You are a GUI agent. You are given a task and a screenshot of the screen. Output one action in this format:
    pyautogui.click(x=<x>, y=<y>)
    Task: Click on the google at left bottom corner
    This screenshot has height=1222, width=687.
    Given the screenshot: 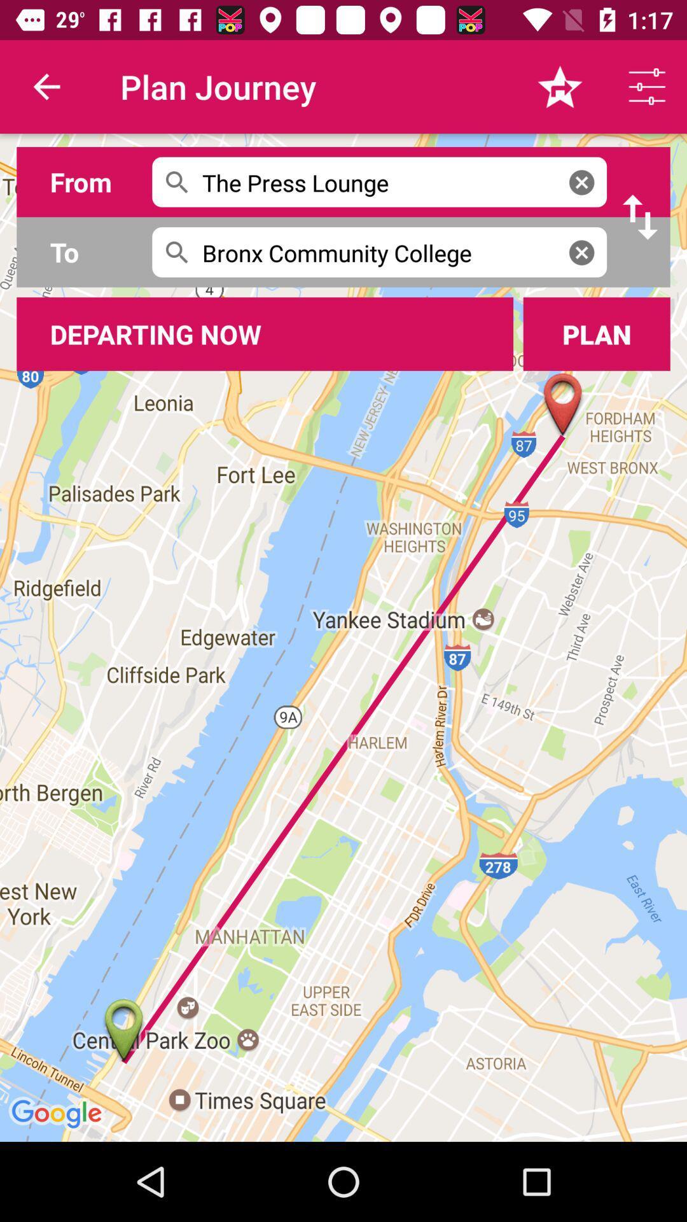 What is the action you would take?
    pyautogui.click(x=59, y=1114)
    